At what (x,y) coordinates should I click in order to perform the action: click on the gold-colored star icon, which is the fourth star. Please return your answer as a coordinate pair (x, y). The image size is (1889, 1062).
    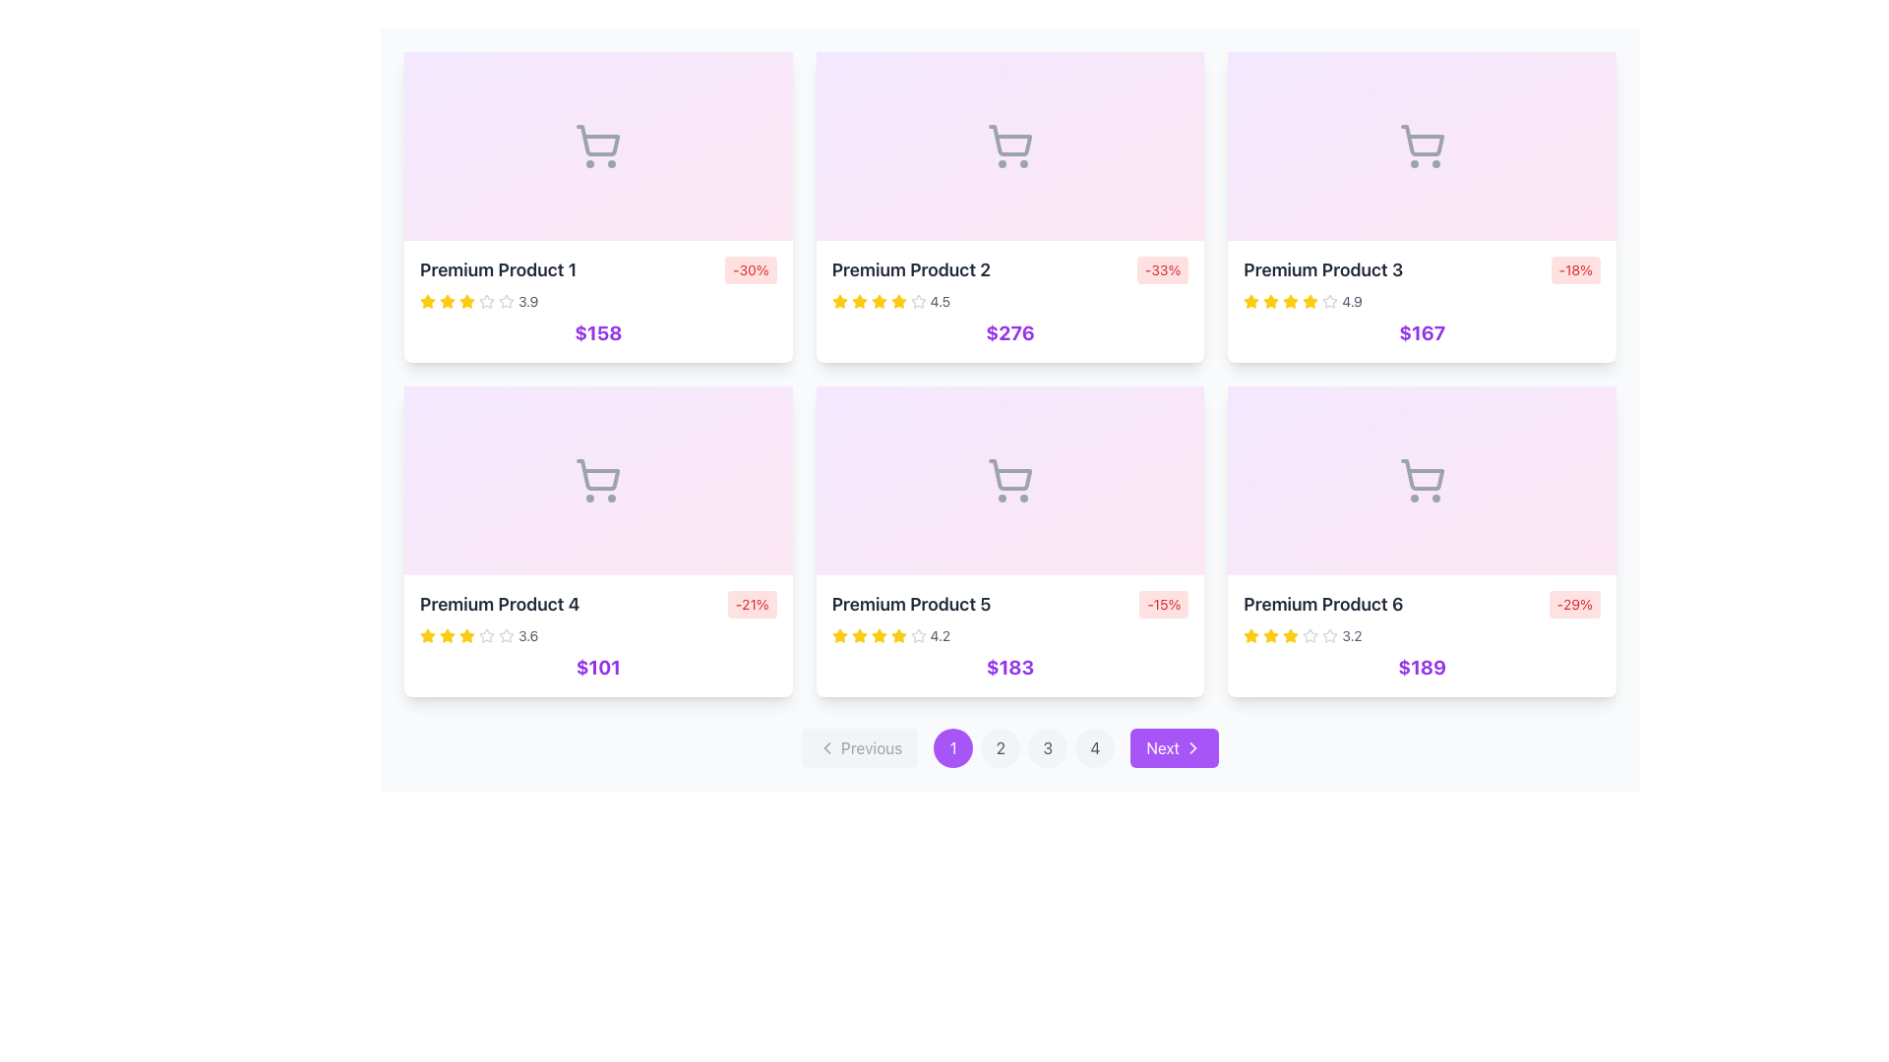
    Looking at the image, I should click on (466, 302).